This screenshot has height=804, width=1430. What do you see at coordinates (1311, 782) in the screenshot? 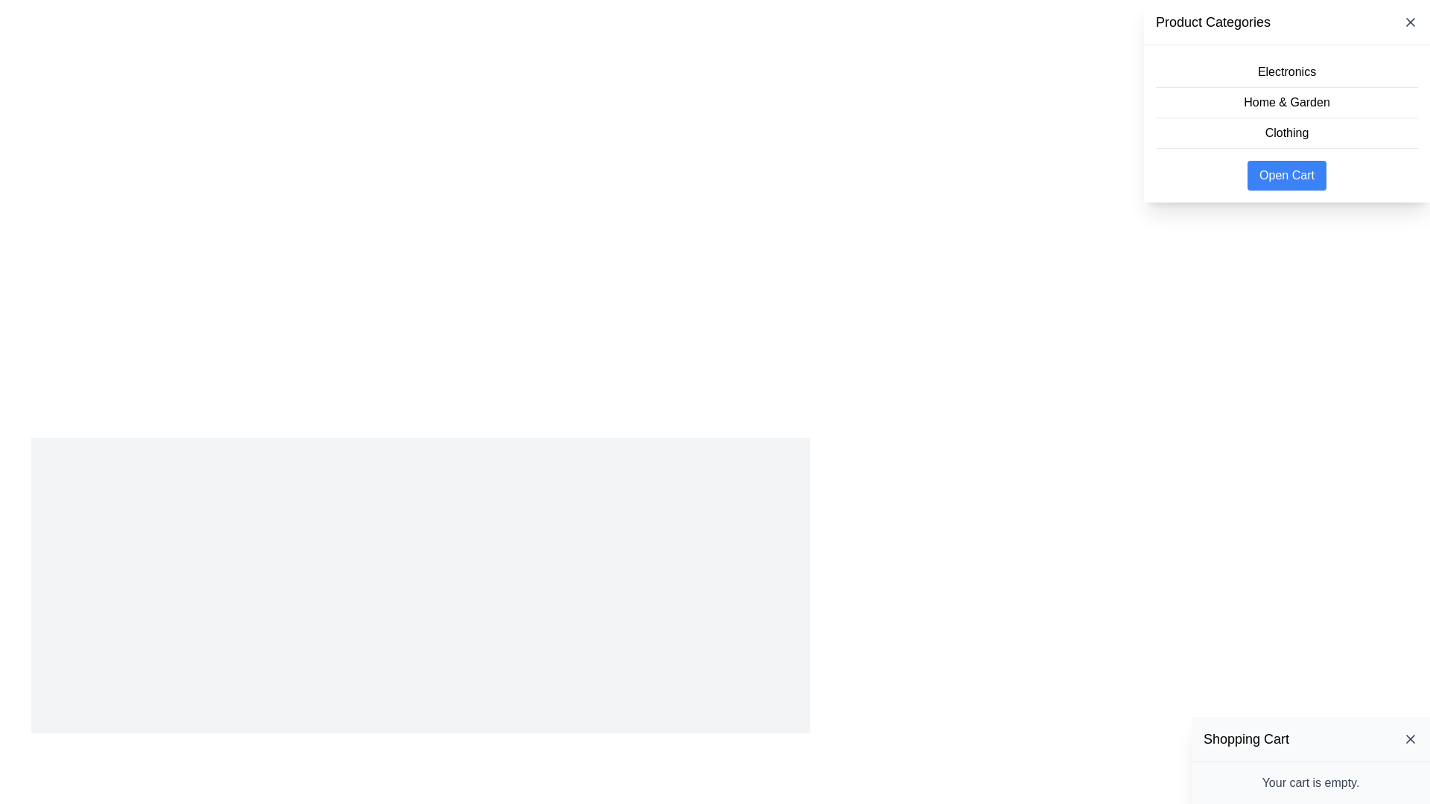
I see `the static informational text indicating that the shopping cart is empty, located at the bottom right of the 'Shopping Cart' section` at bounding box center [1311, 782].